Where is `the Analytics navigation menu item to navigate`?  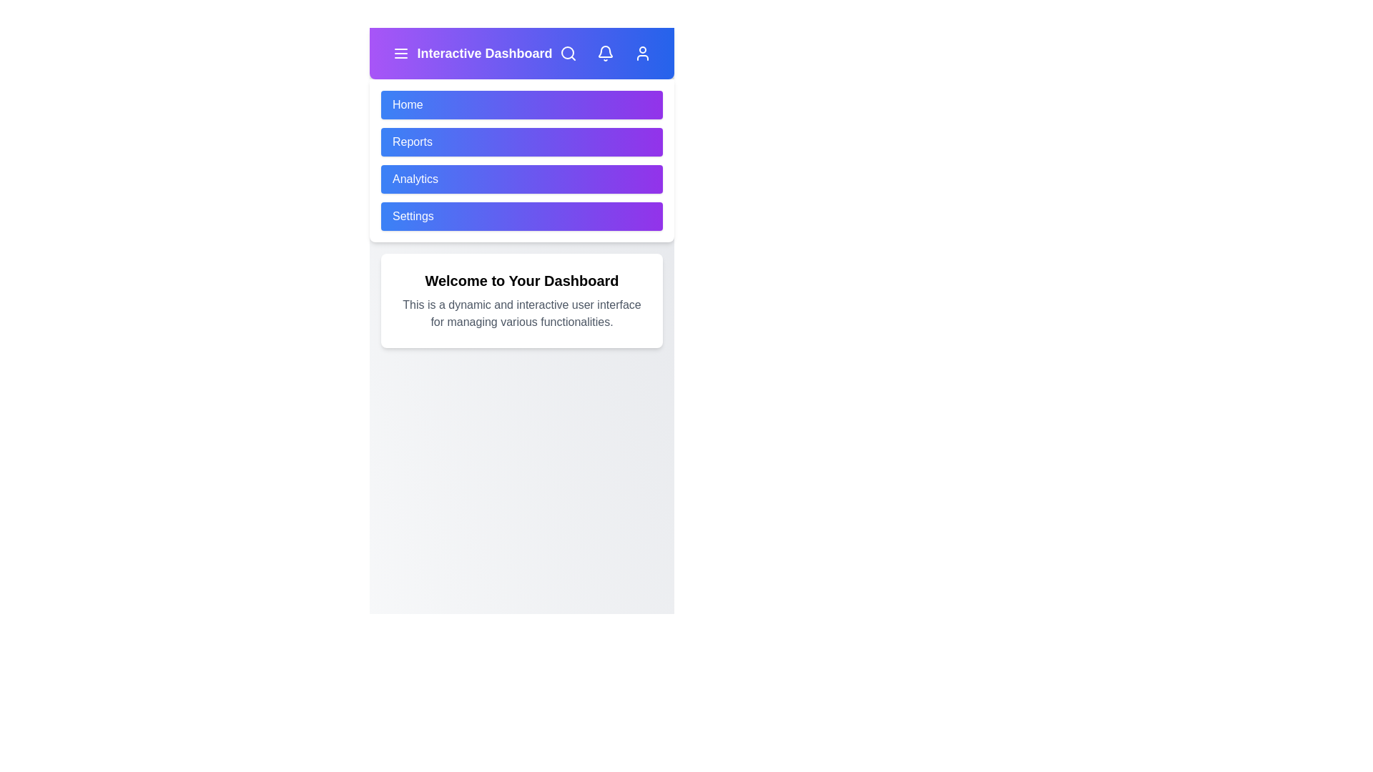
the Analytics navigation menu item to navigate is located at coordinates (521, 178).